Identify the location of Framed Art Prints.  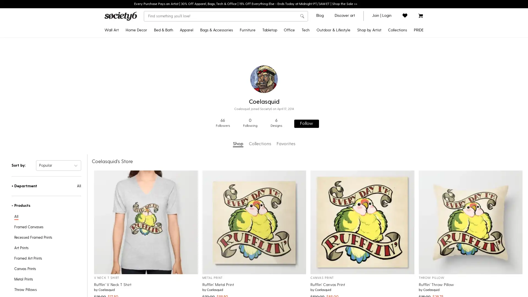
(129, 53).